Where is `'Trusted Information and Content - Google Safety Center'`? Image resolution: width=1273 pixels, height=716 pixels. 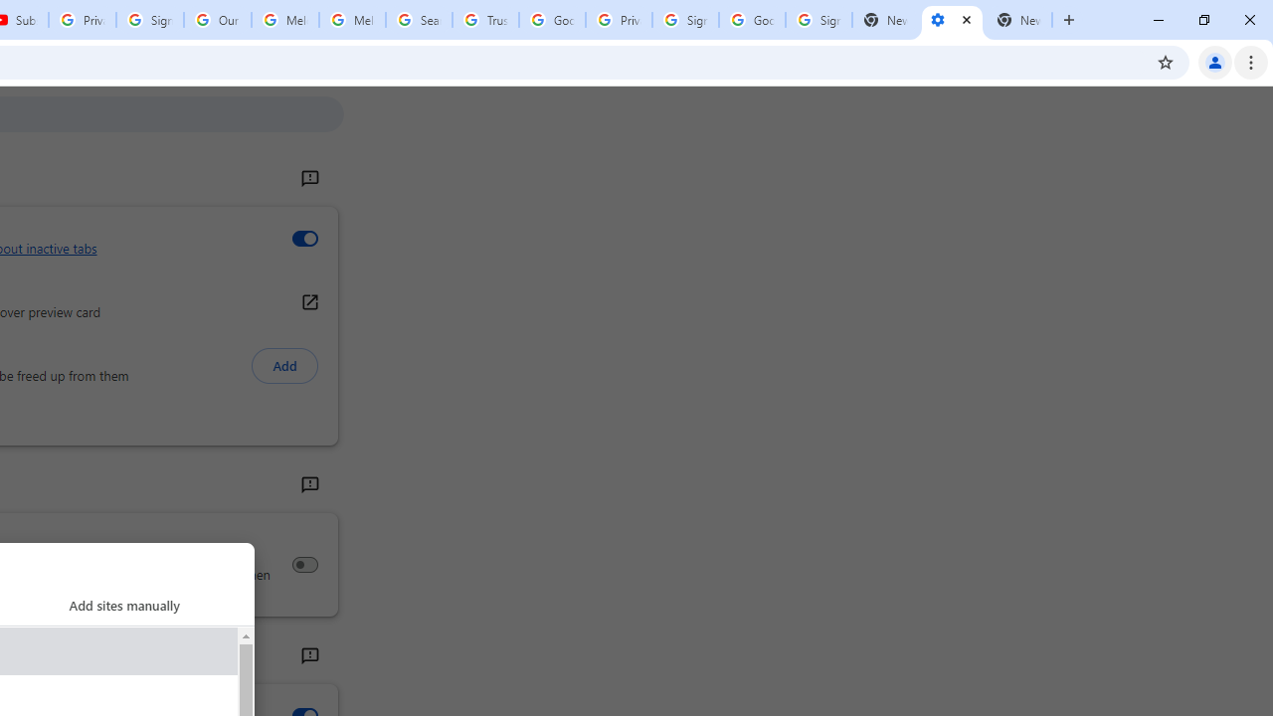
'Trusted Information and Content - Google Safety Center' is located at coordinates (485, 20).